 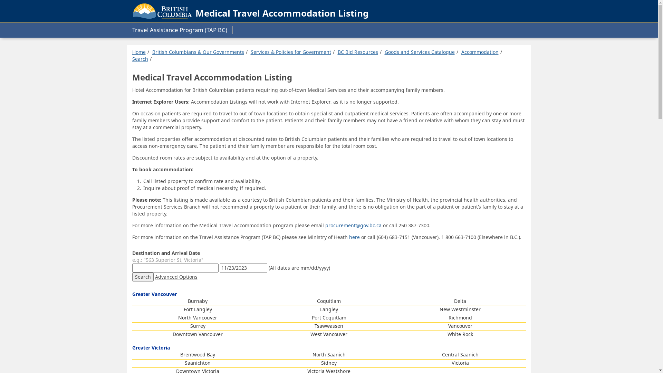 I want to click on 'here', so click(x=355, y=237).